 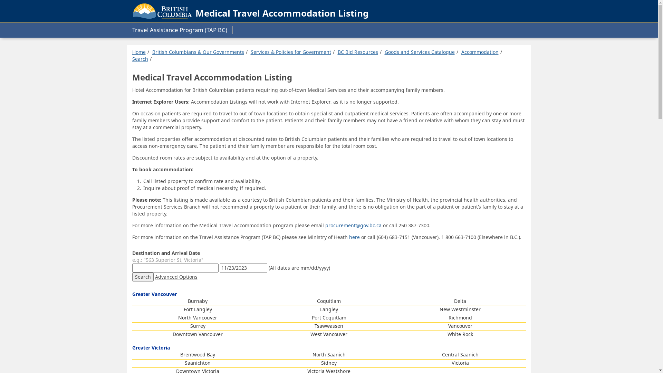 I want to click on 'here', so click(x=355, y=237).